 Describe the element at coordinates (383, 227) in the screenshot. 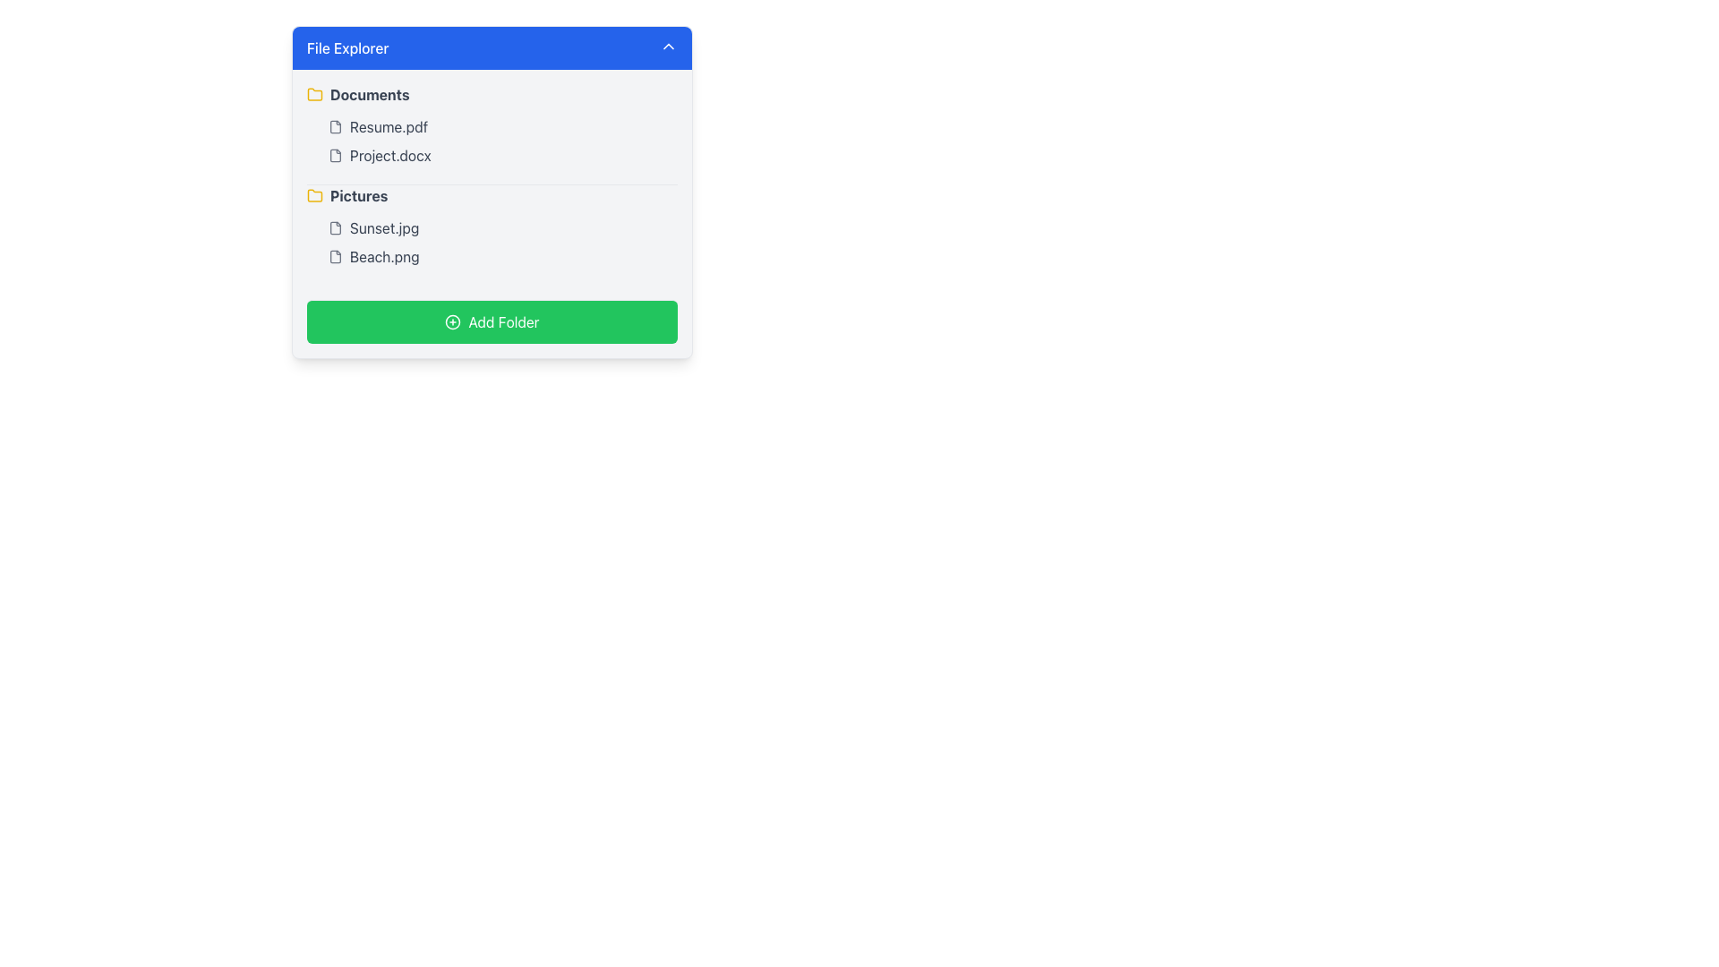

I see `the text label displaying 'Sunset.jpg' located in the Pictures folder of the file explorer interface` at that location.